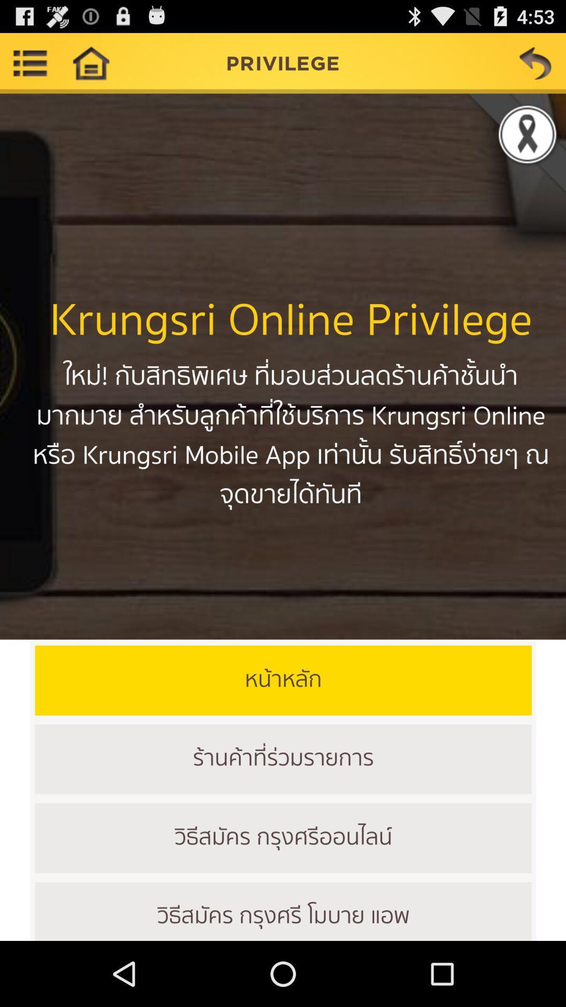 The height and width of the screenshot is (1007, 566). I want to click on home pega, so click(90, 62).